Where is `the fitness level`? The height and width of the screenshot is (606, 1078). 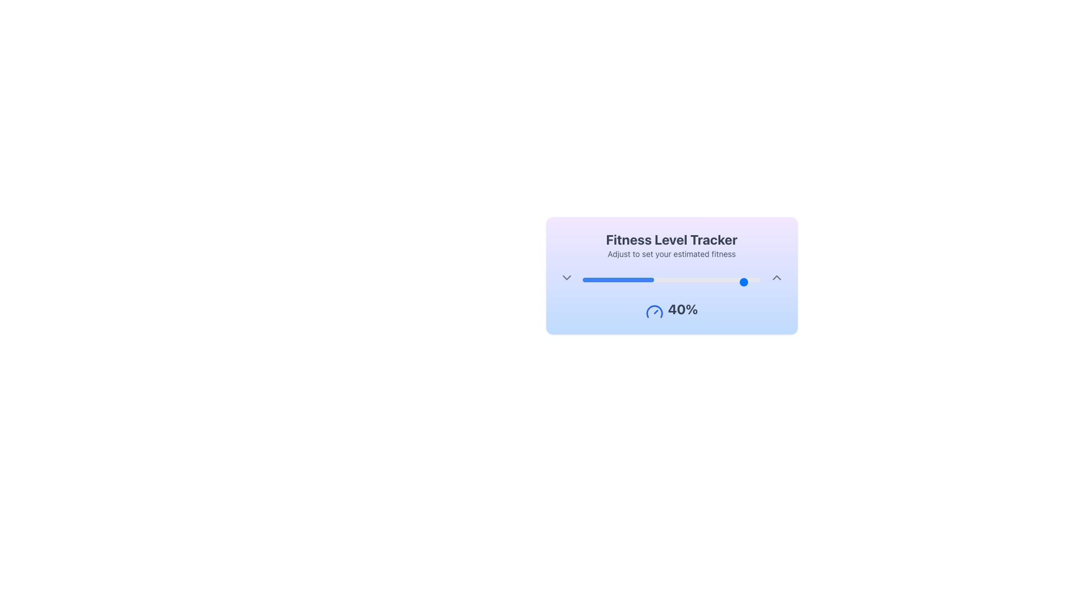 the fitness level is located at coordinates (732, 279).